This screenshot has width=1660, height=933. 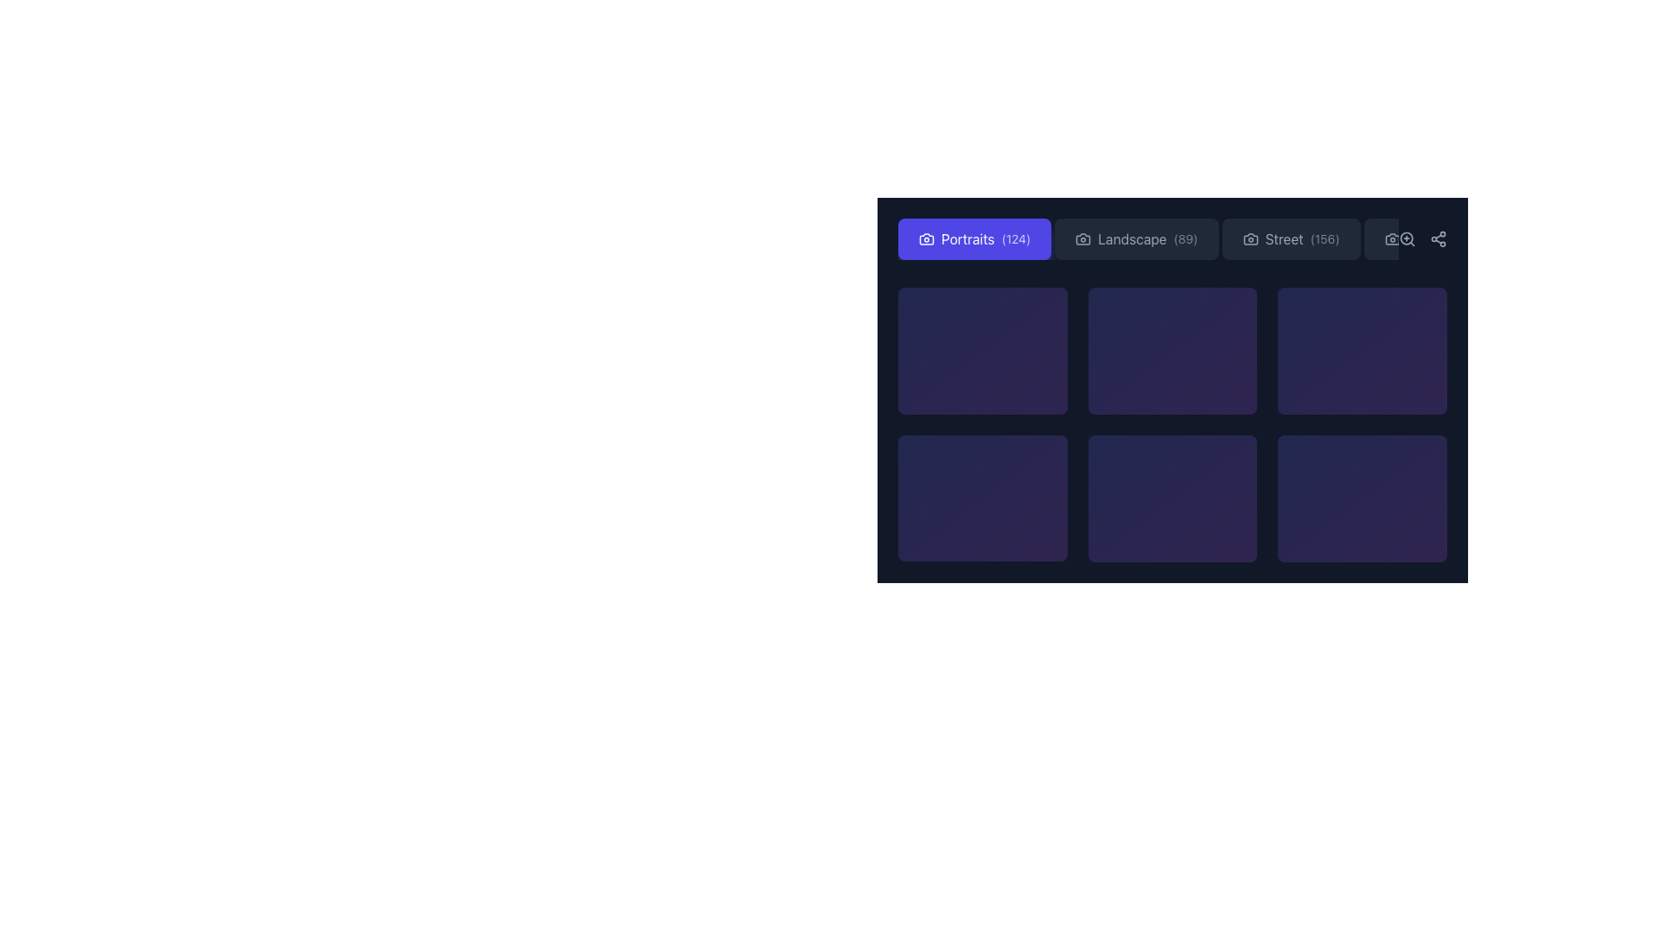 What do you see at coordinates (982, 350) in the screenshot?
I see `the selectable item within the 'Portraits' category` at bounding box center [982, 350].